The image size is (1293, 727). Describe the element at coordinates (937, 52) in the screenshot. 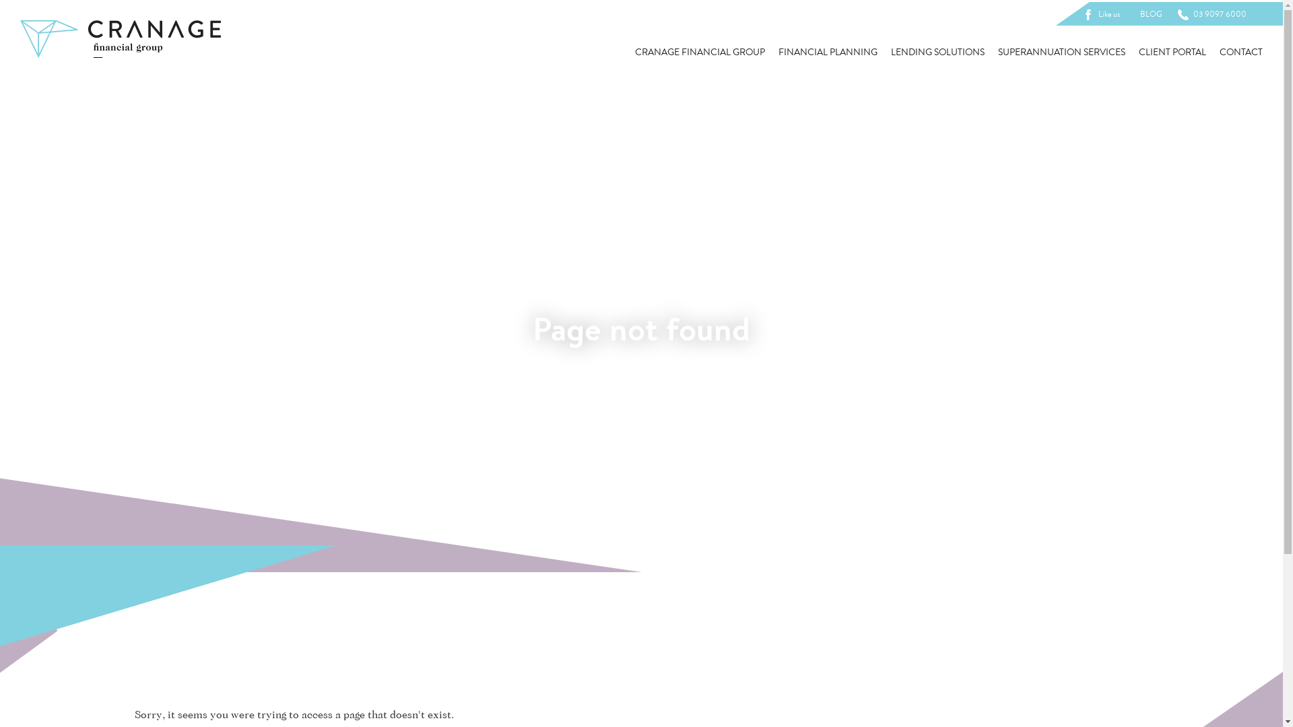

I see `'LENDING SOLUTIONS'` at that location.